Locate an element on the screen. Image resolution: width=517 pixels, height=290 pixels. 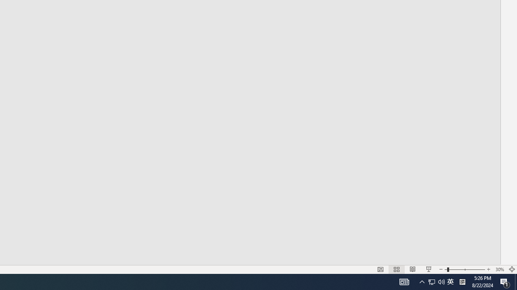
'Zoom 30%' is located at coordinates (499, 269).